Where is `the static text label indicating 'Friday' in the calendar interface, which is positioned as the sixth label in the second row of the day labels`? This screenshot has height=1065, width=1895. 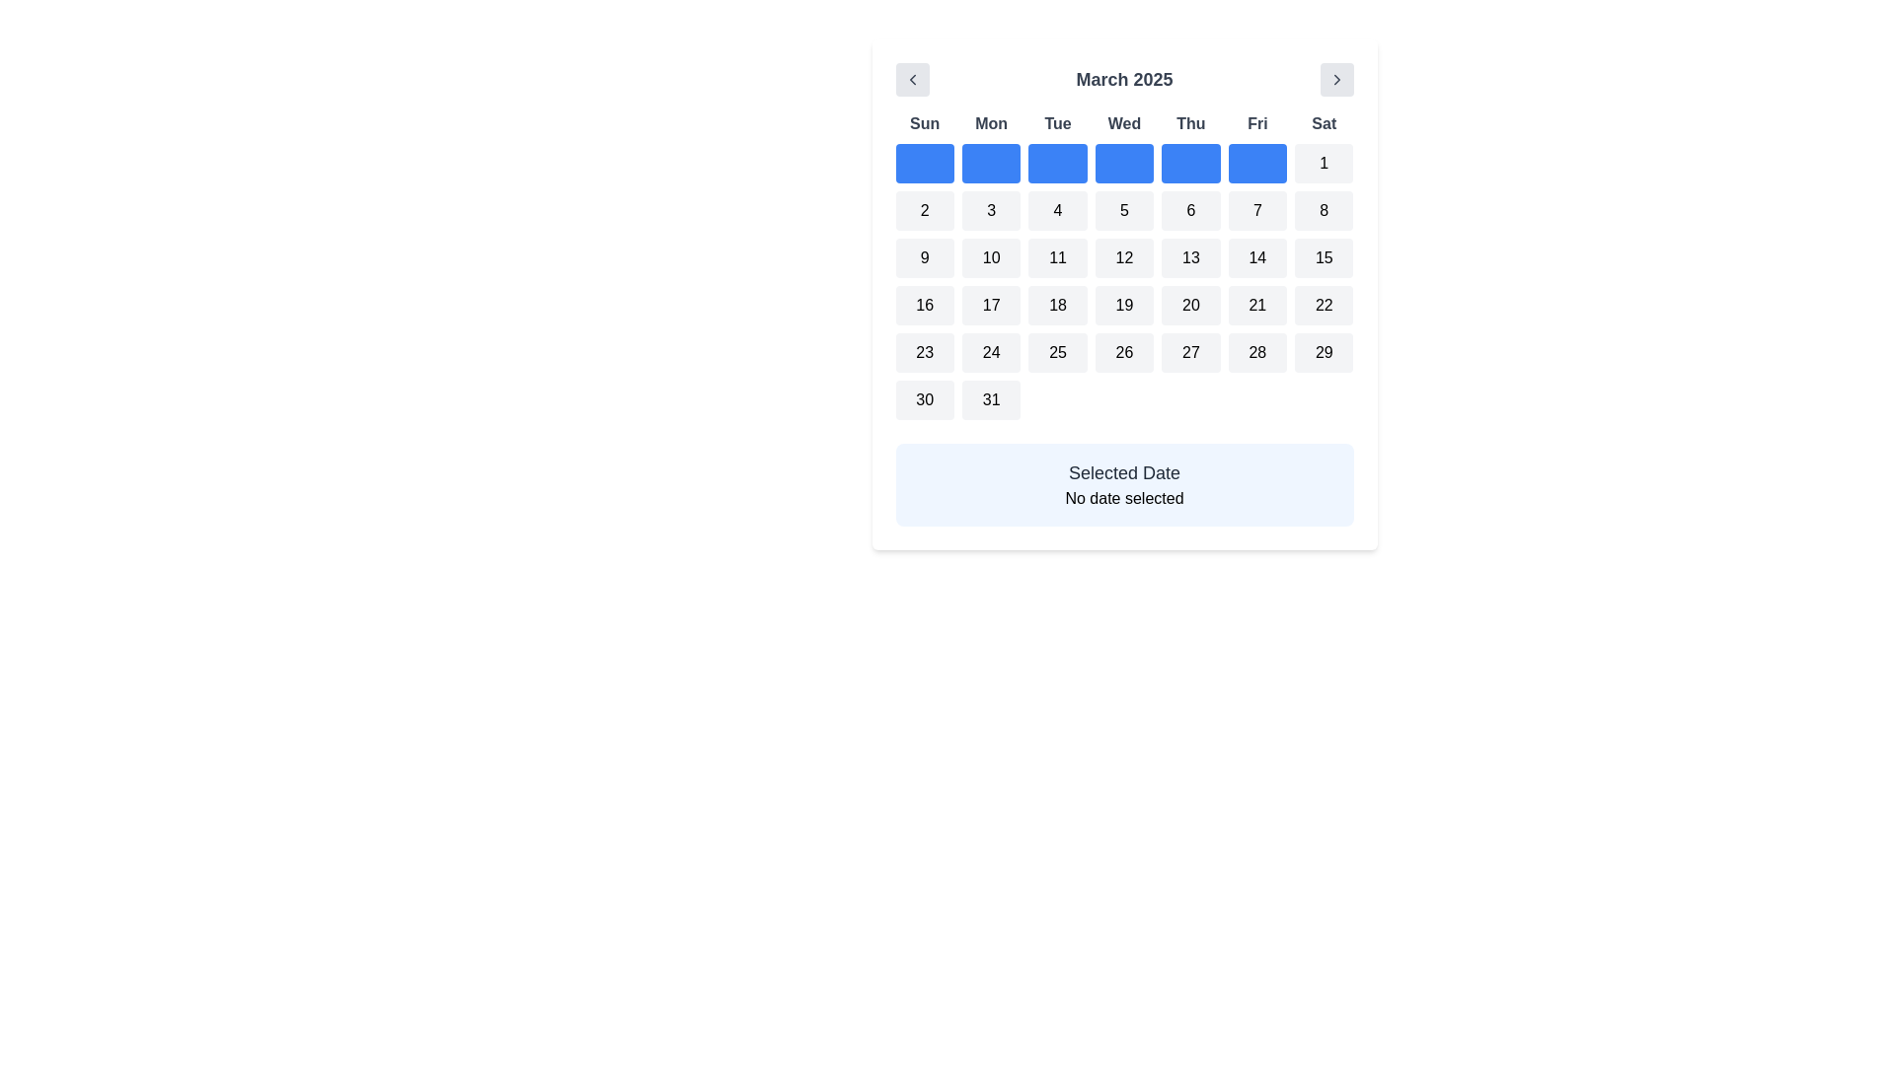
the static text label indicating 'Friday' in the calendar interface, which is positioned as the sixth label in the second row of the day labels is located at coordinates (1256, 124).